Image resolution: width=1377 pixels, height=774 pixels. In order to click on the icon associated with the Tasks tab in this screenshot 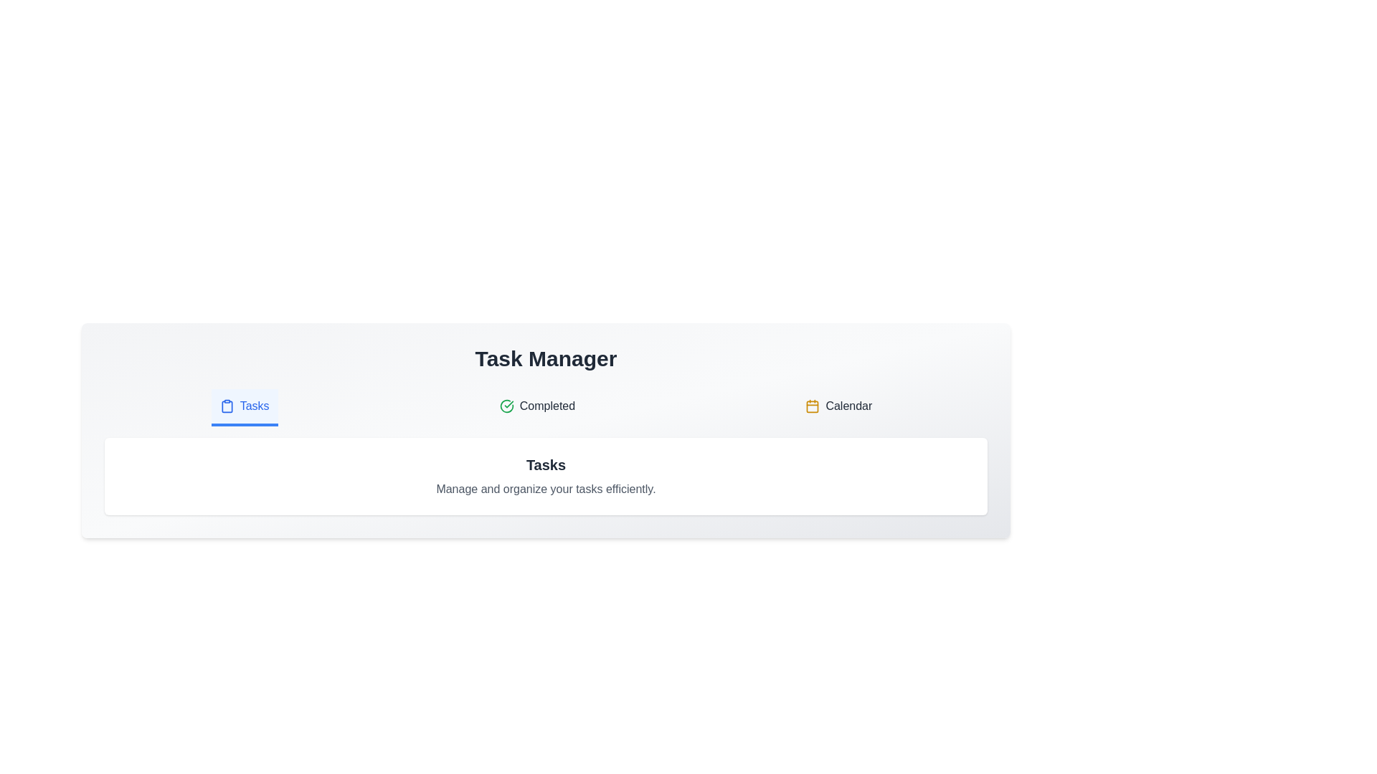, I will do `click(226, 406)`.